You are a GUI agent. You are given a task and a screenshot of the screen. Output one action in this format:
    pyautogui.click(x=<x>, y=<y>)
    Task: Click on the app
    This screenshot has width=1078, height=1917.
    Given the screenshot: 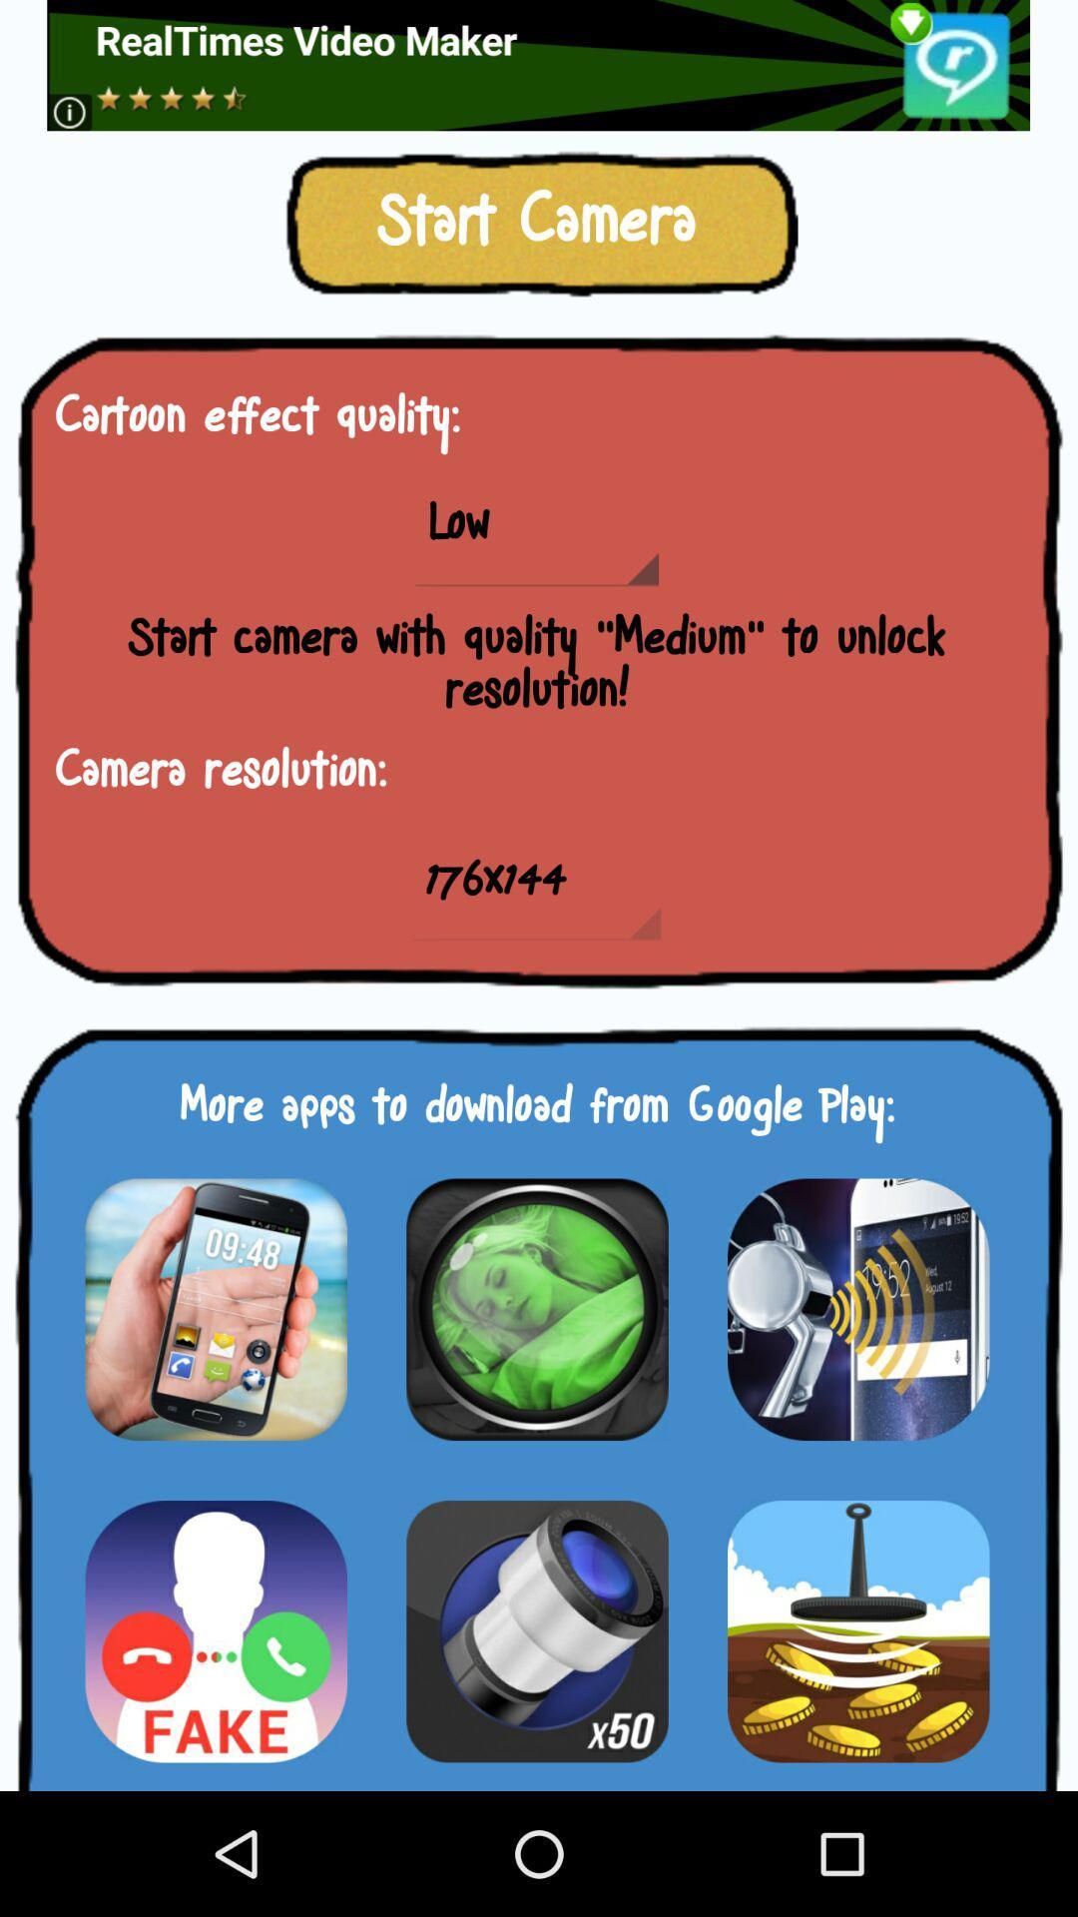 What is the action you would take?
    pyautogui.click(x=216, y=1309)
    